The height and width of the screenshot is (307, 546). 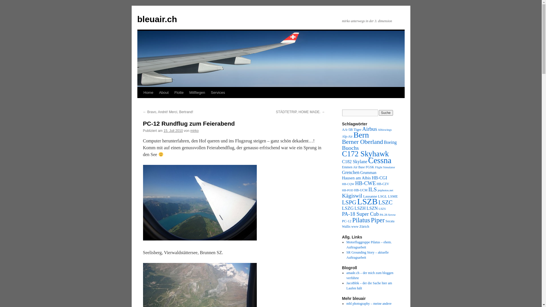 I want to click on 'LSZG', so click(x=347, y=208).